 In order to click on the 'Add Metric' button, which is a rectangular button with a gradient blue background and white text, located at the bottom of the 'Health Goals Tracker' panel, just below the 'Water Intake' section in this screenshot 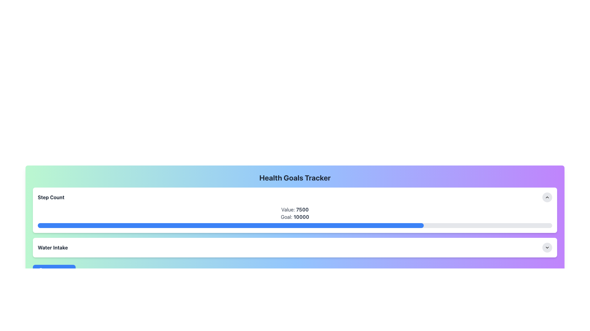, I will do `click(54, 270)`.